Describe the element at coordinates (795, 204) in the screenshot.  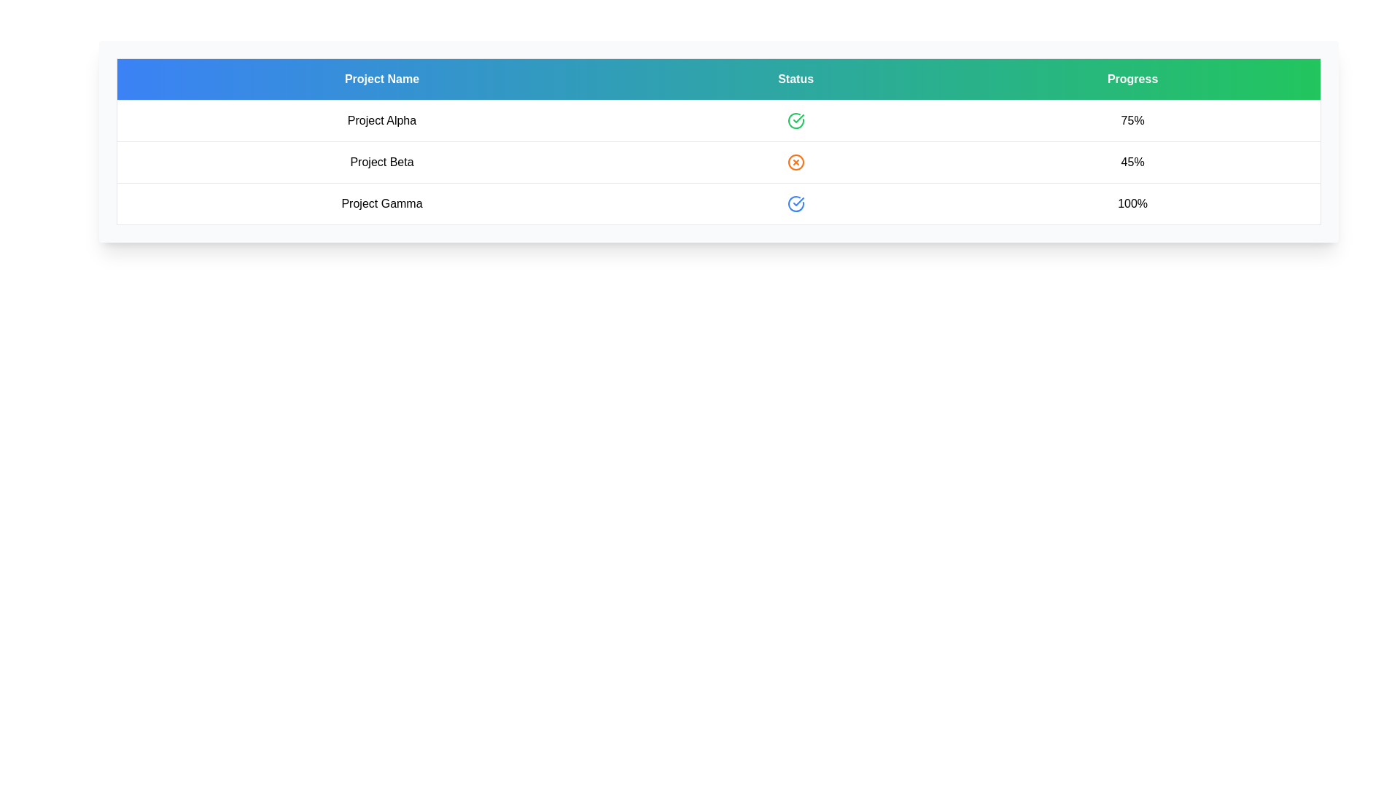
I see `the status icon for the project Project Gamma` at that location.